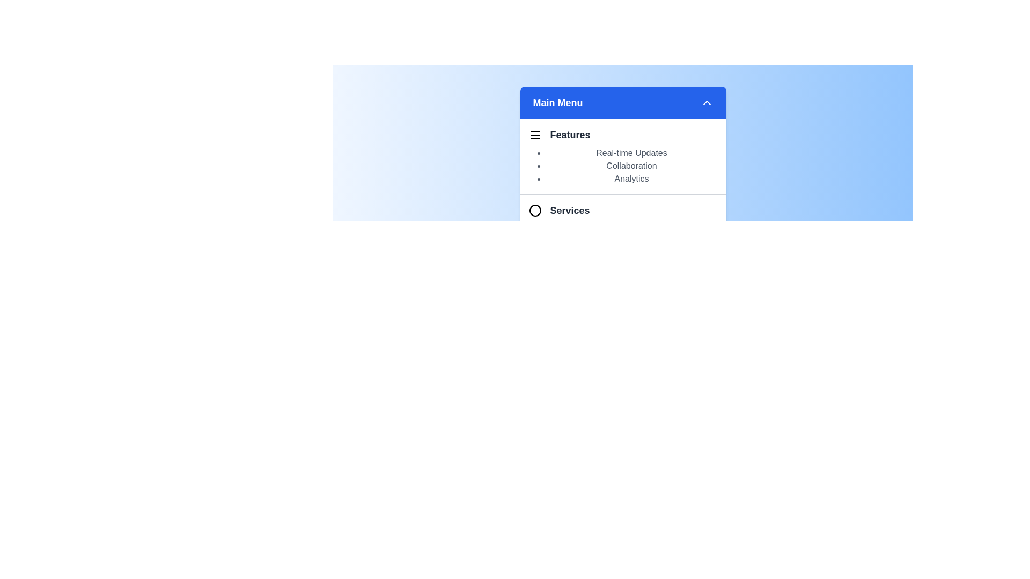 The height and width of the screenshot is (579, 1030). I want to click on the item Real-time Updates from the list, so click(631, 153).